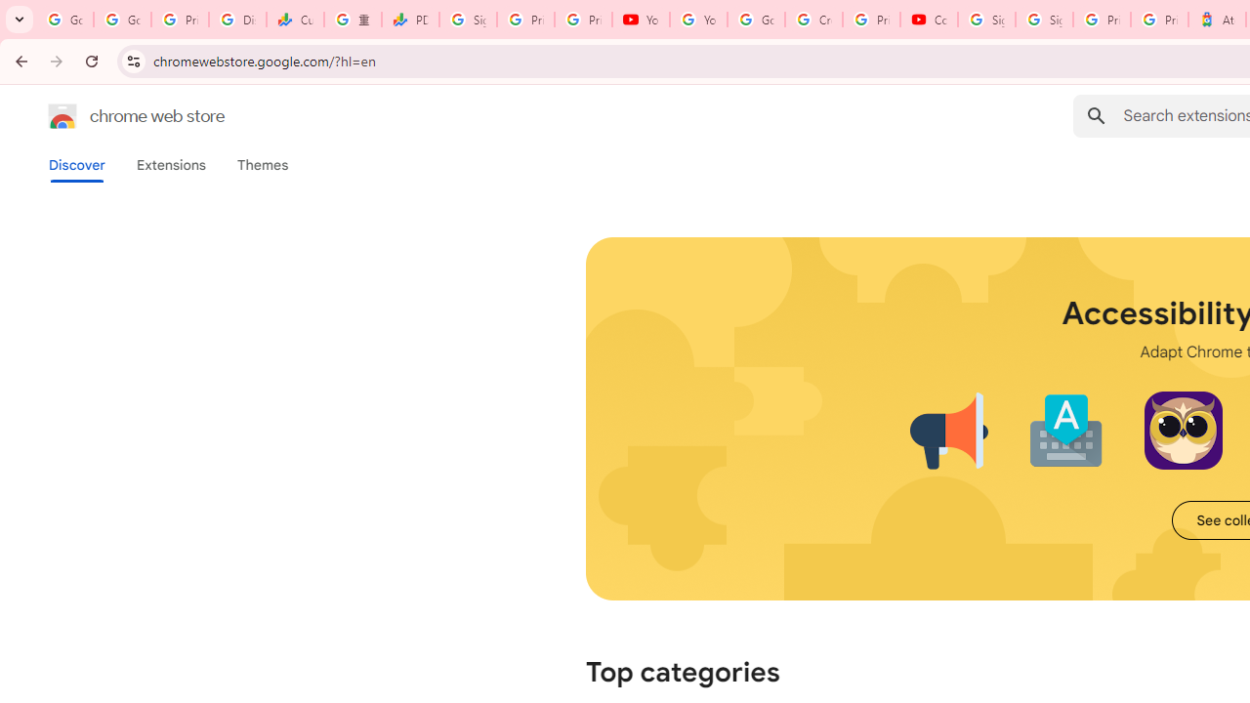 The width and height of the screenshot is (1250, 703). Describe the element at coordinates (62, 116) in the screenshot. I see `'Chrome Web Store logo'` at that location.